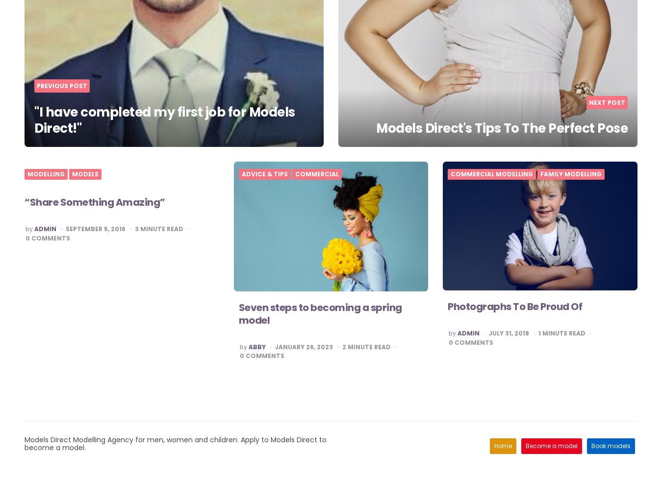 This screenshot has width=662, height=478. I want to click on '2', so click(341, 346).